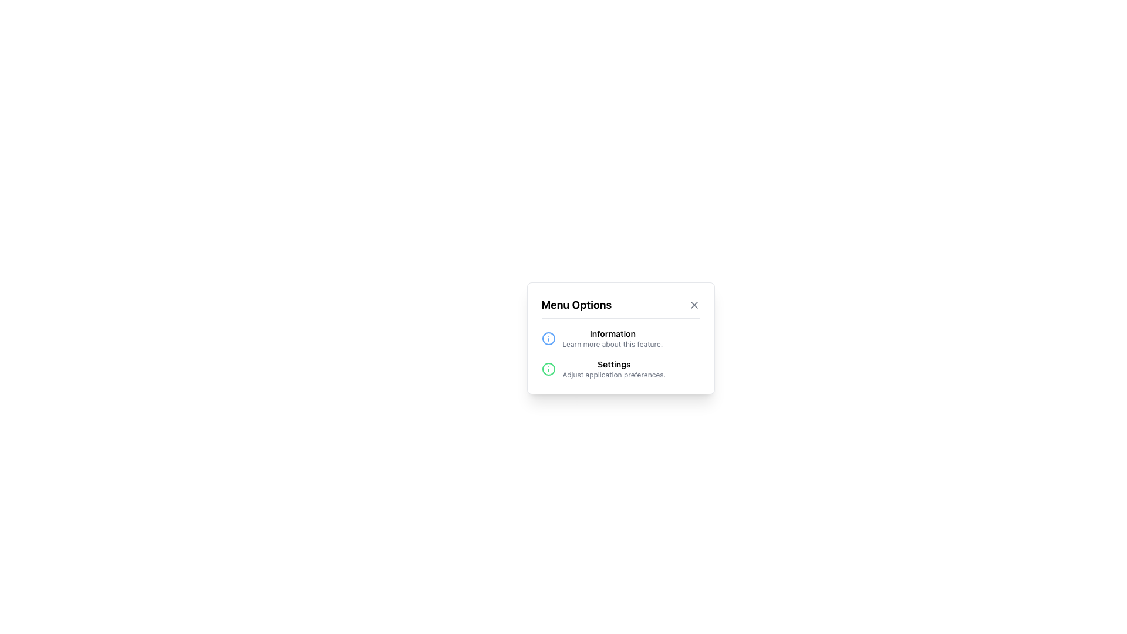 The width and height of the screenshot is (1127, 634). Describe the element at coordinates (576, 304) in the screenshot. I see `the 'Menu Options' text label, which is a bold, larger font title in black on a white background, positioned at the top-left corner of its section` at that location.